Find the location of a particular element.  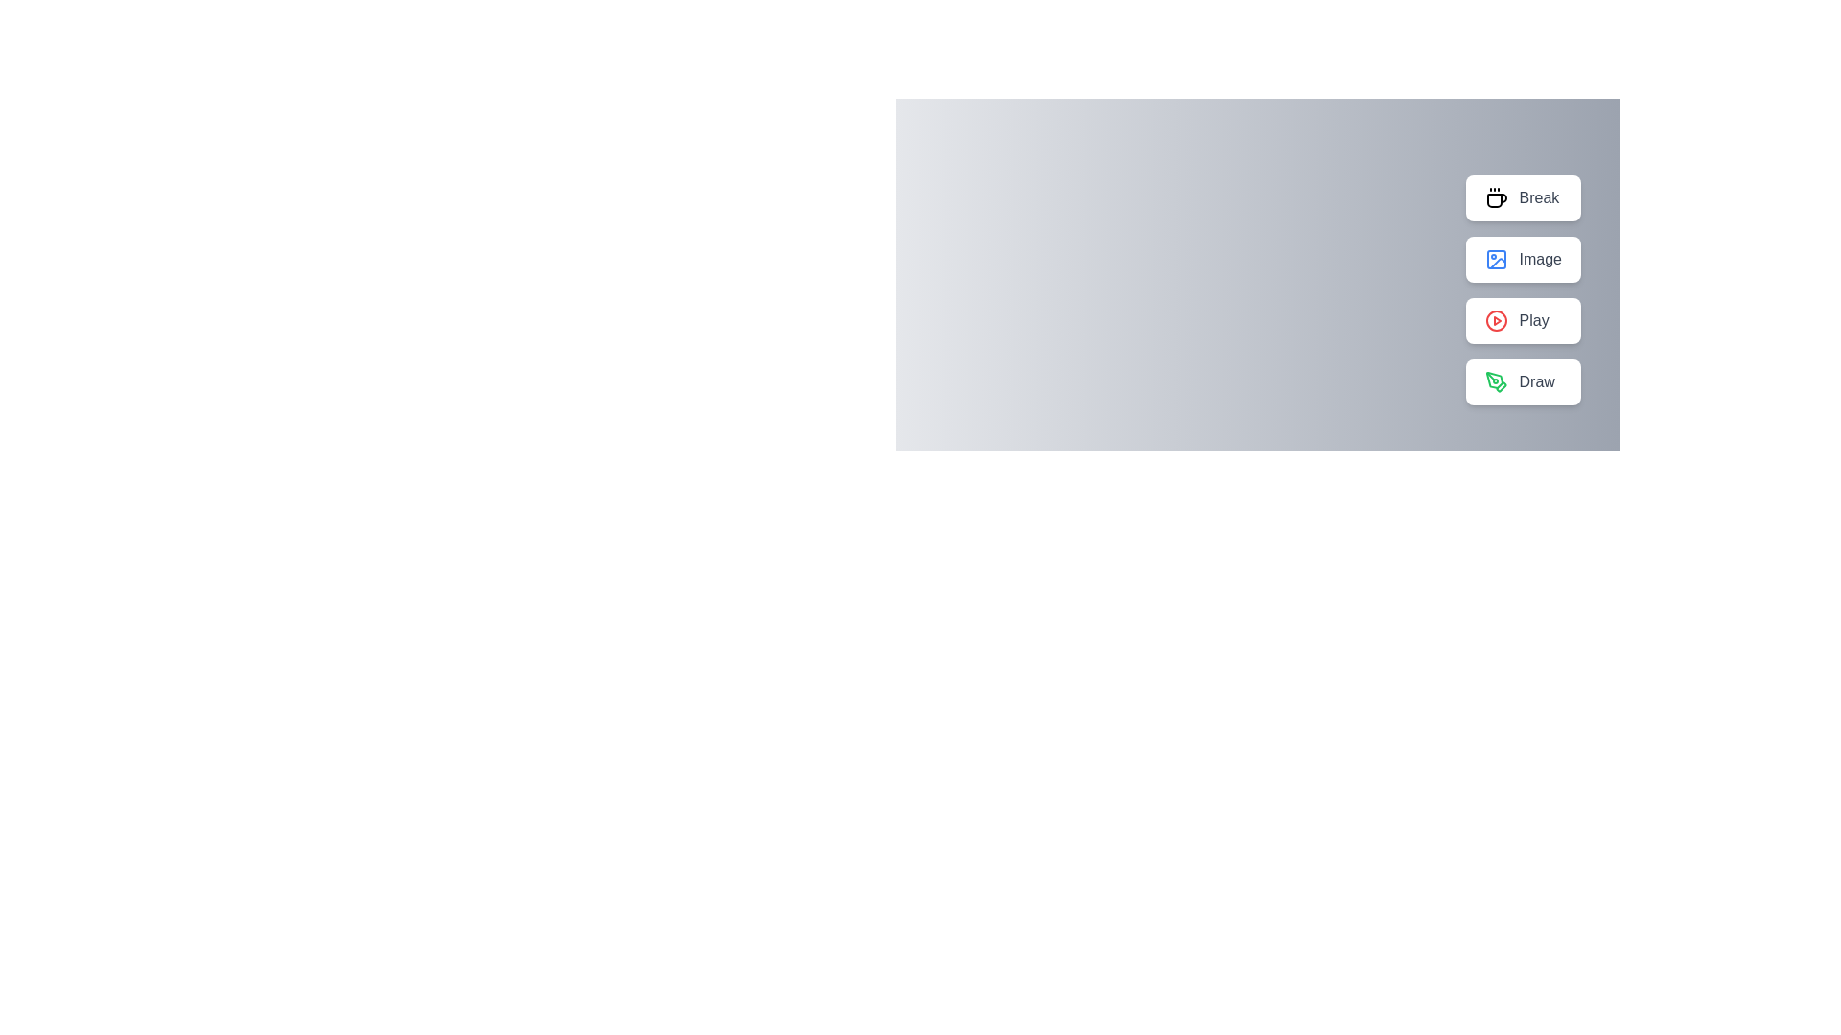

the action button labeled Break to observe hover effects is located at coordinates (1522, 198).